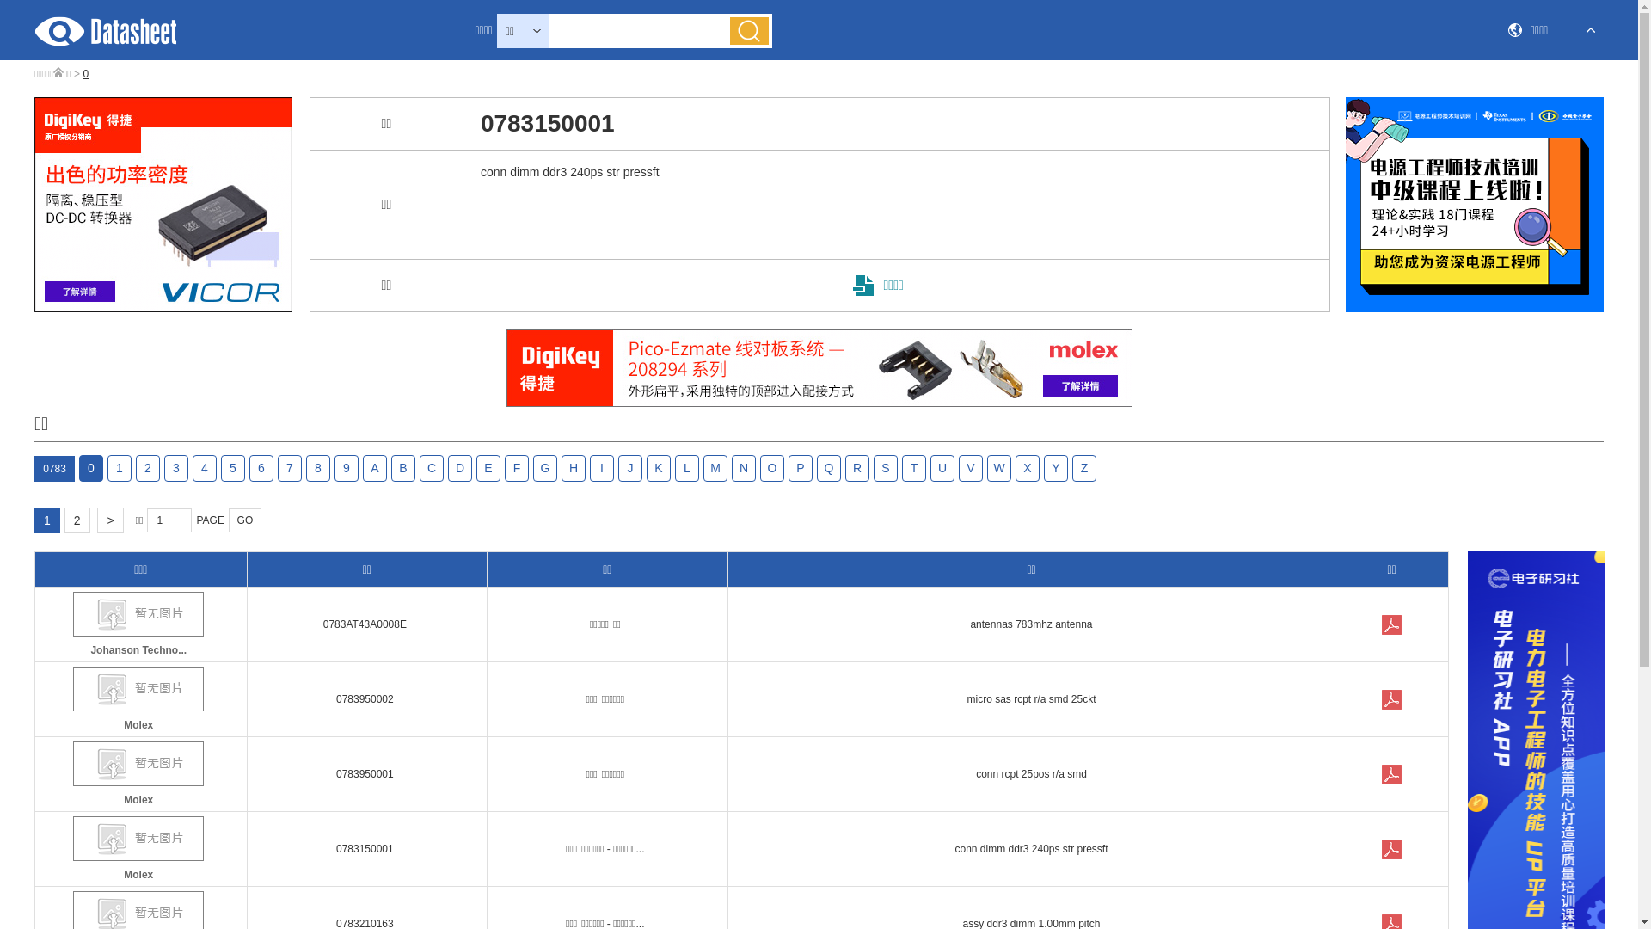 The image size is (1651, 929). I want to click on '>', so click(109, 520).